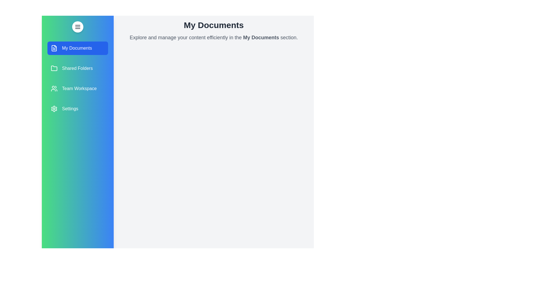 This screenshot has width=539, height=303. Describe the element at coordinates (77, 68) in the screenshot. I see `the section Shared Folders from the drawer menu` at that location.